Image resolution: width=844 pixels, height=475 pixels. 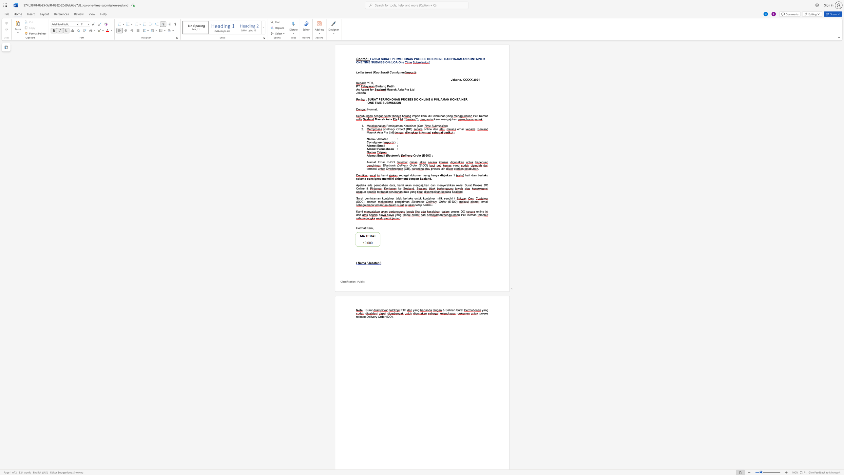 What do you see at coordinates (373, 62) in the screenshot?
I see `the subset text "UBM" within the text "ONE TIME SUBMISSION"` at bounding box center [373, 62].